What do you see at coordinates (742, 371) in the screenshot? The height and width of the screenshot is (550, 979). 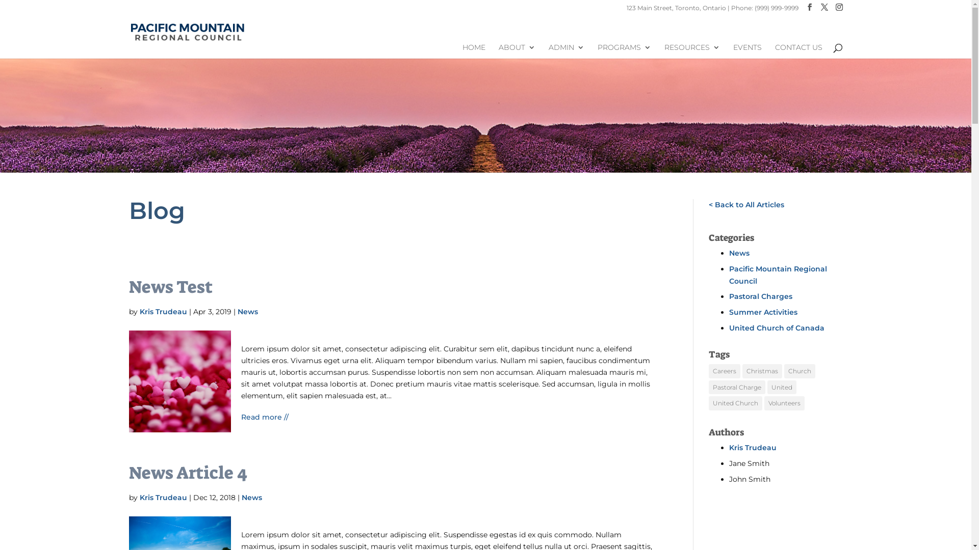 I see `'Christmas'` at bounding box center [742, 371].